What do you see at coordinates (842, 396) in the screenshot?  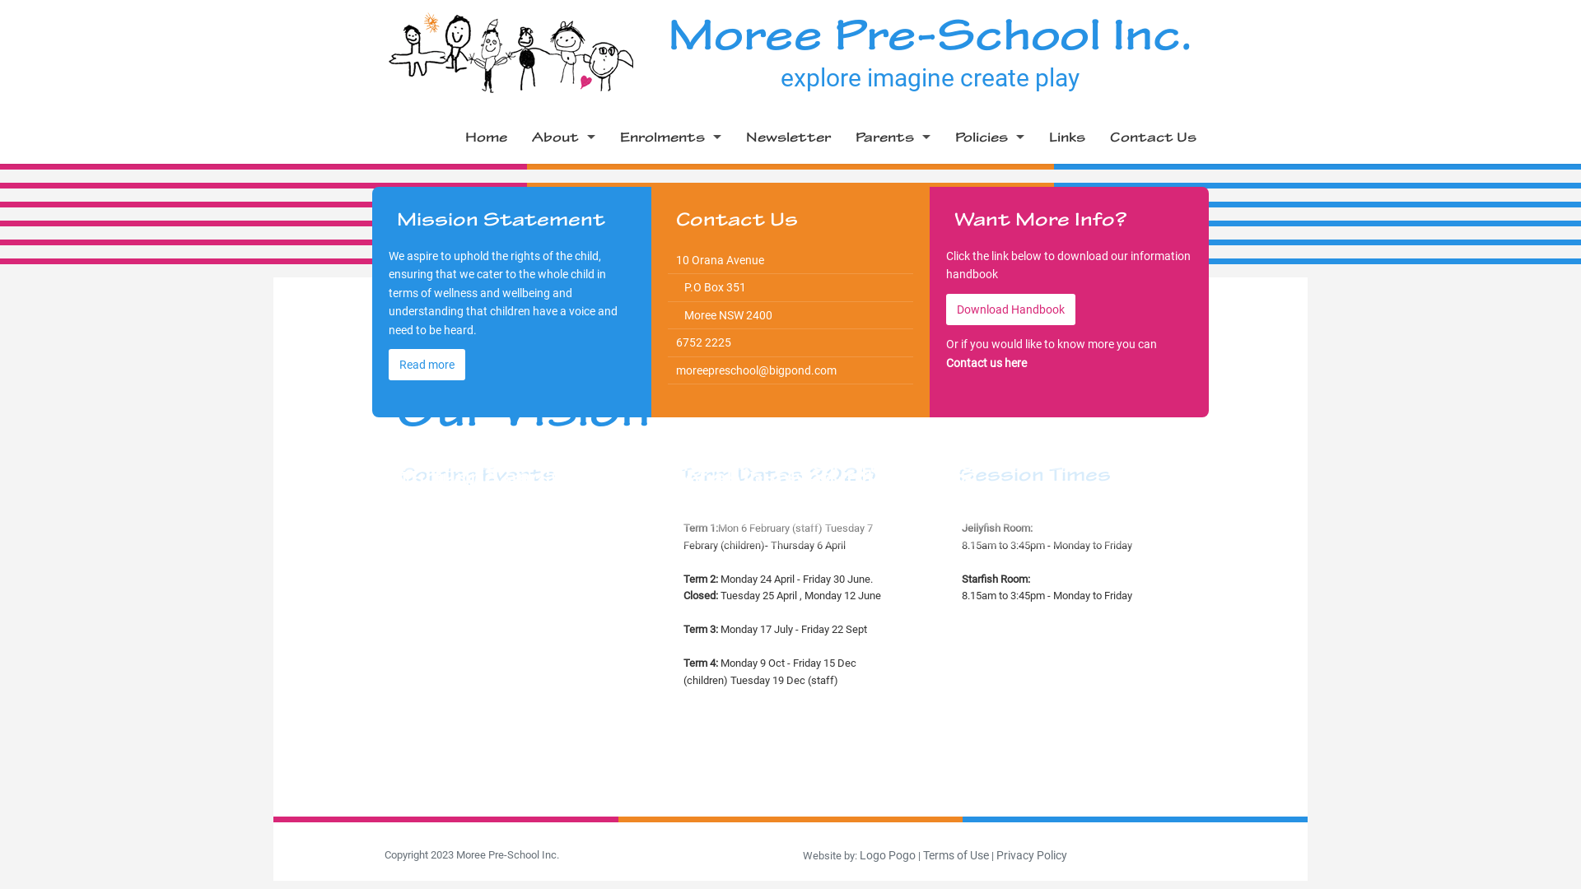 I see `'Medical Information'` at bounding box center [842, 396].